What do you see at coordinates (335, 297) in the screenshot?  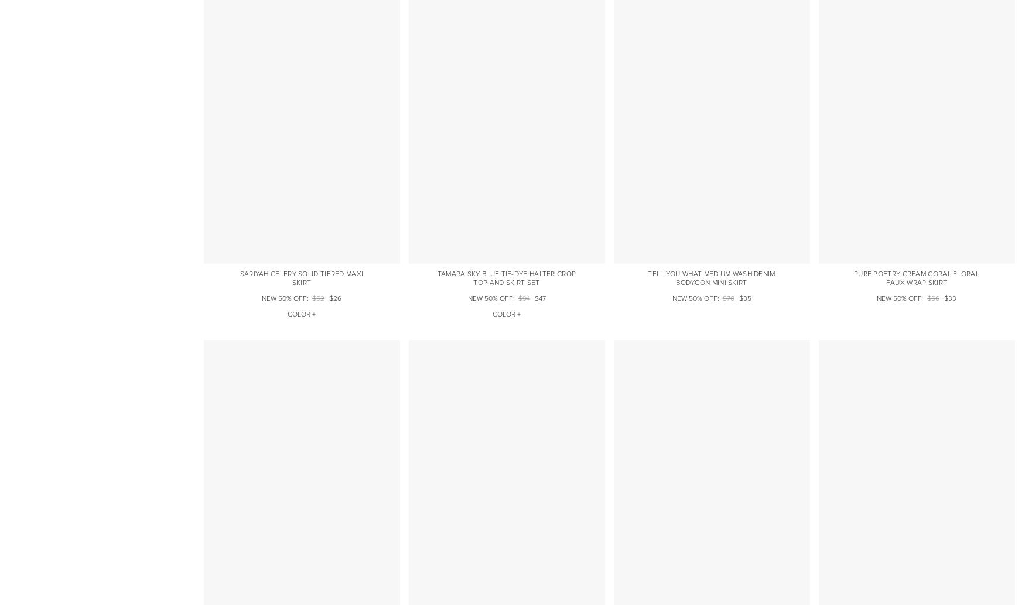 I see `'$26'` at bounding box center [335, 297].